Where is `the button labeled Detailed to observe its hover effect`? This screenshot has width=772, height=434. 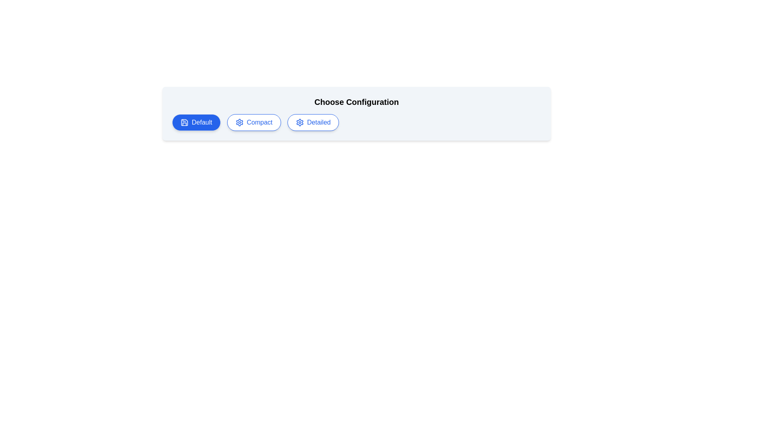 the button labeled Detailed to observe its hover effect is located at coordinates (313, 122).